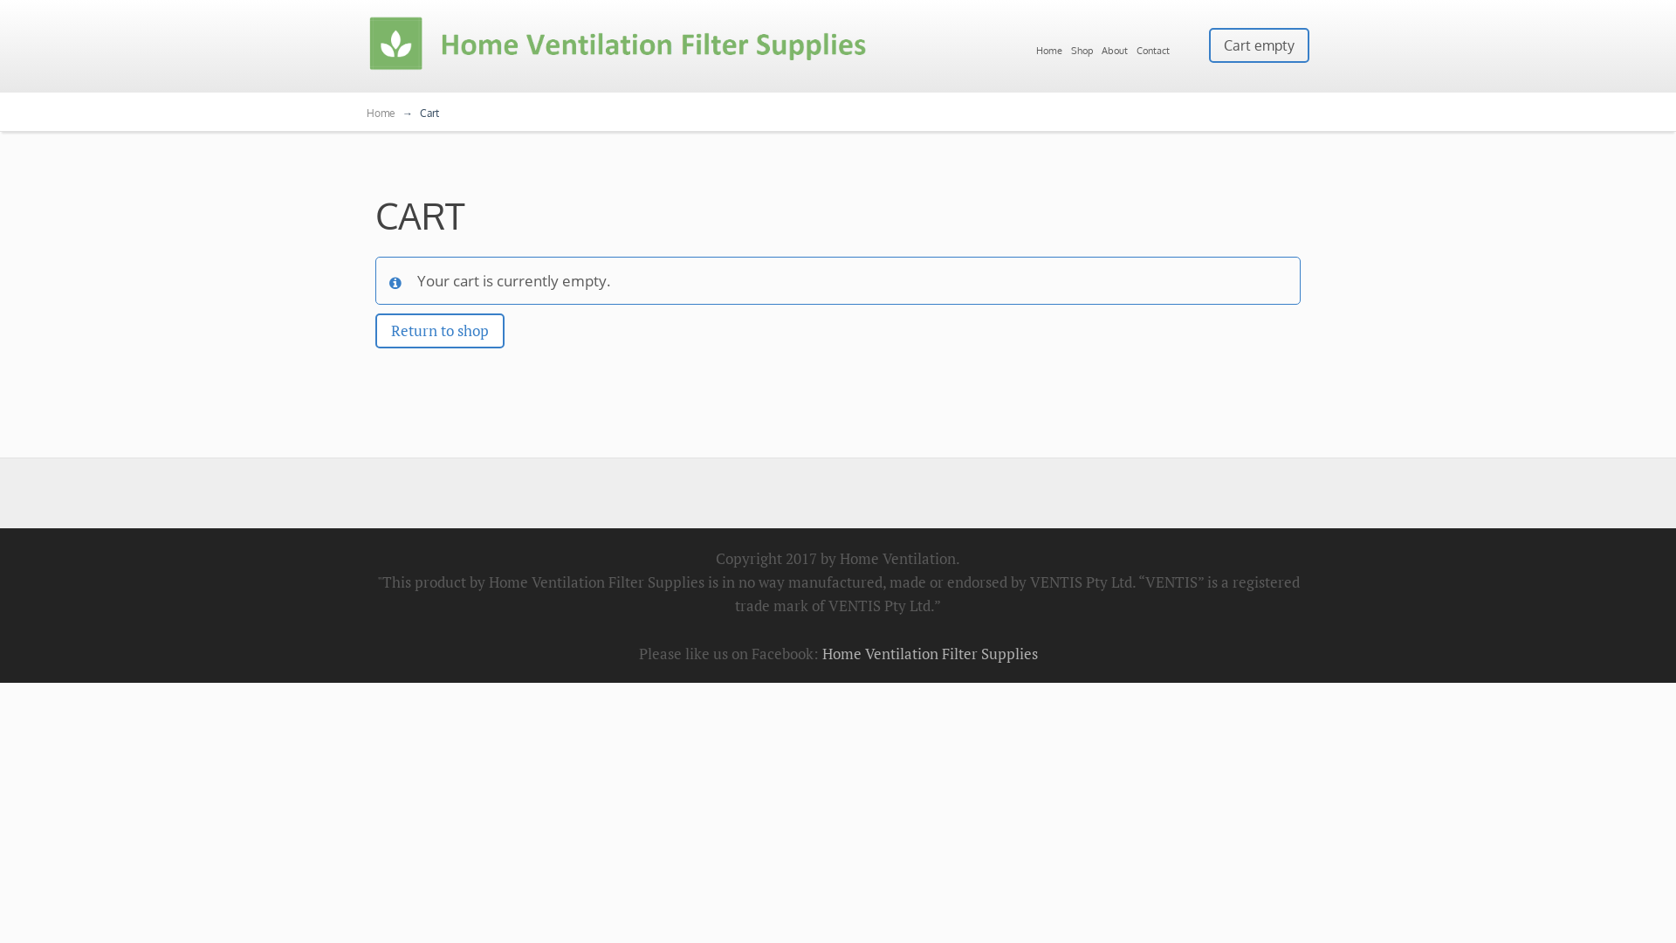  I want to click on 'Cart empty', so click(1259, 44).